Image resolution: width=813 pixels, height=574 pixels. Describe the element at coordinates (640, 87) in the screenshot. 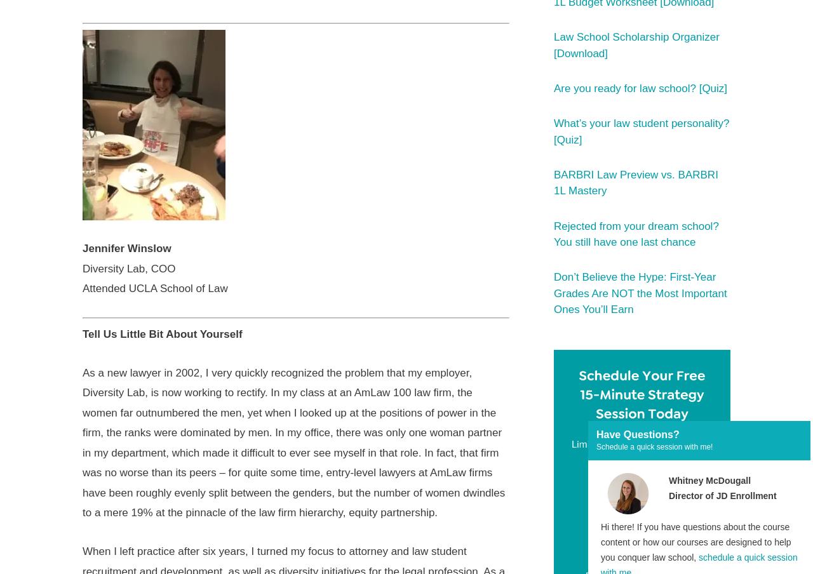

I see `'Are you ready for law school? [Quiz]'` at that location.